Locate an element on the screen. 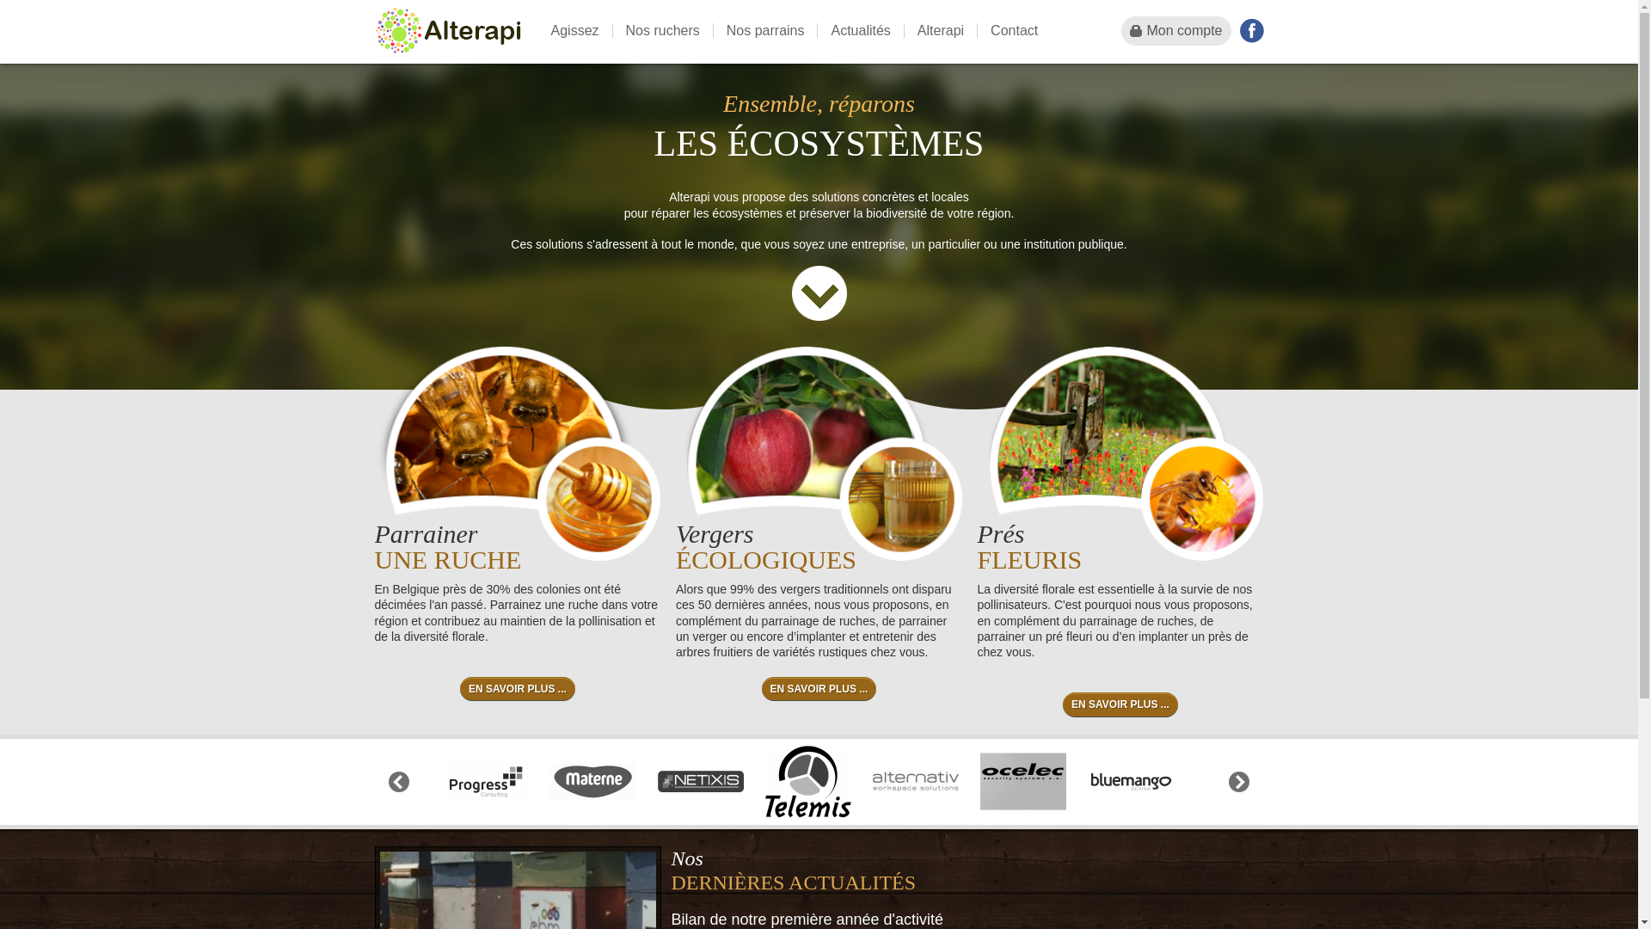  'bluemango-design' is located at coordinates (1131, 782).